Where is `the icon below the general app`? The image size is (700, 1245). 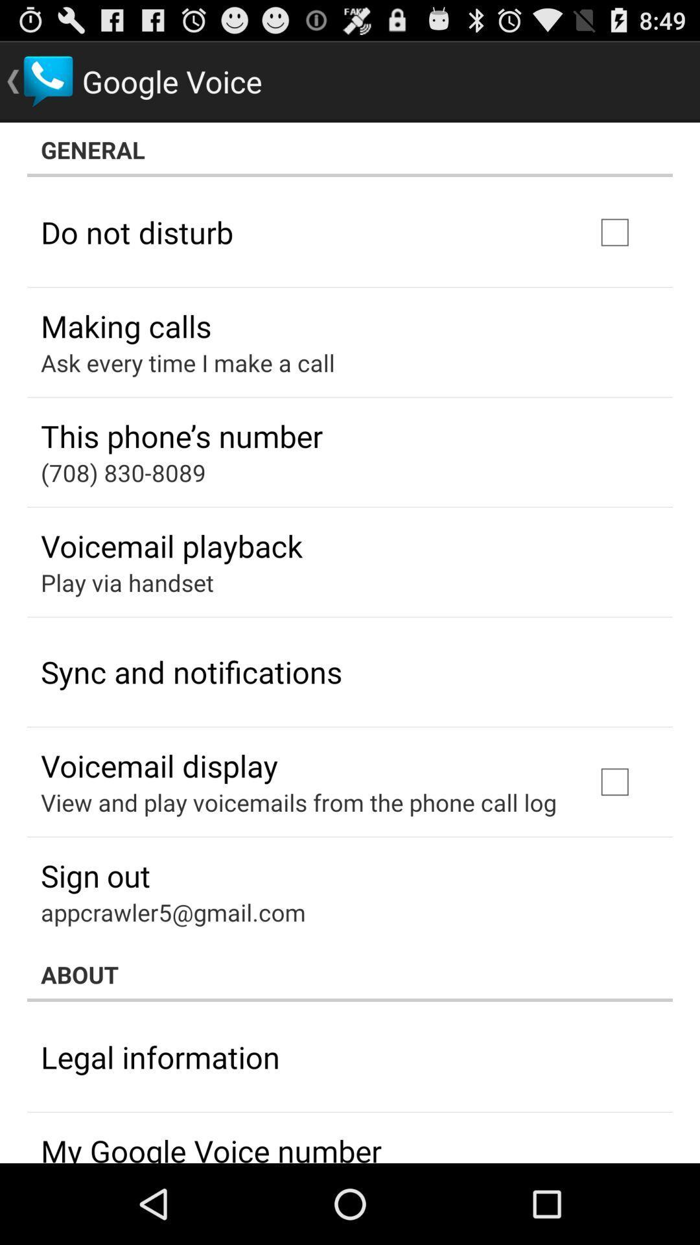 the icon below the general app is located at coordinates (137, 232).